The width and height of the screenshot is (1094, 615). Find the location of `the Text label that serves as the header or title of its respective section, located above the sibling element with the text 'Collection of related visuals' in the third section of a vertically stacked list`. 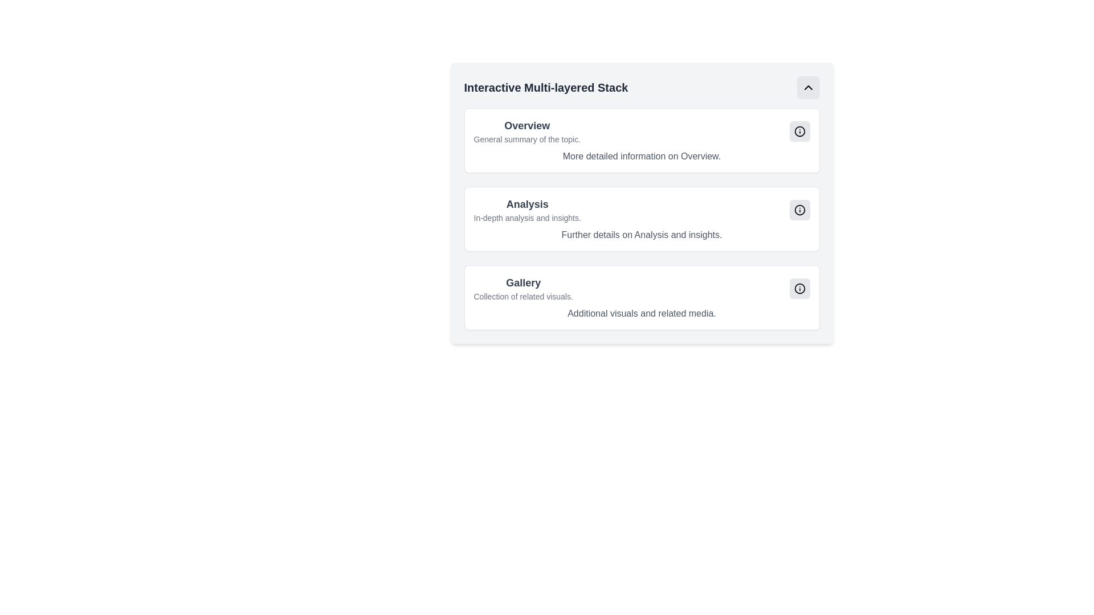

the Text label that serves as the header or title of its respective section, located above the sibling element with the text 'Collection of related visuals' in the third section of a vertically stacked list is located at coordinates (522, 282).